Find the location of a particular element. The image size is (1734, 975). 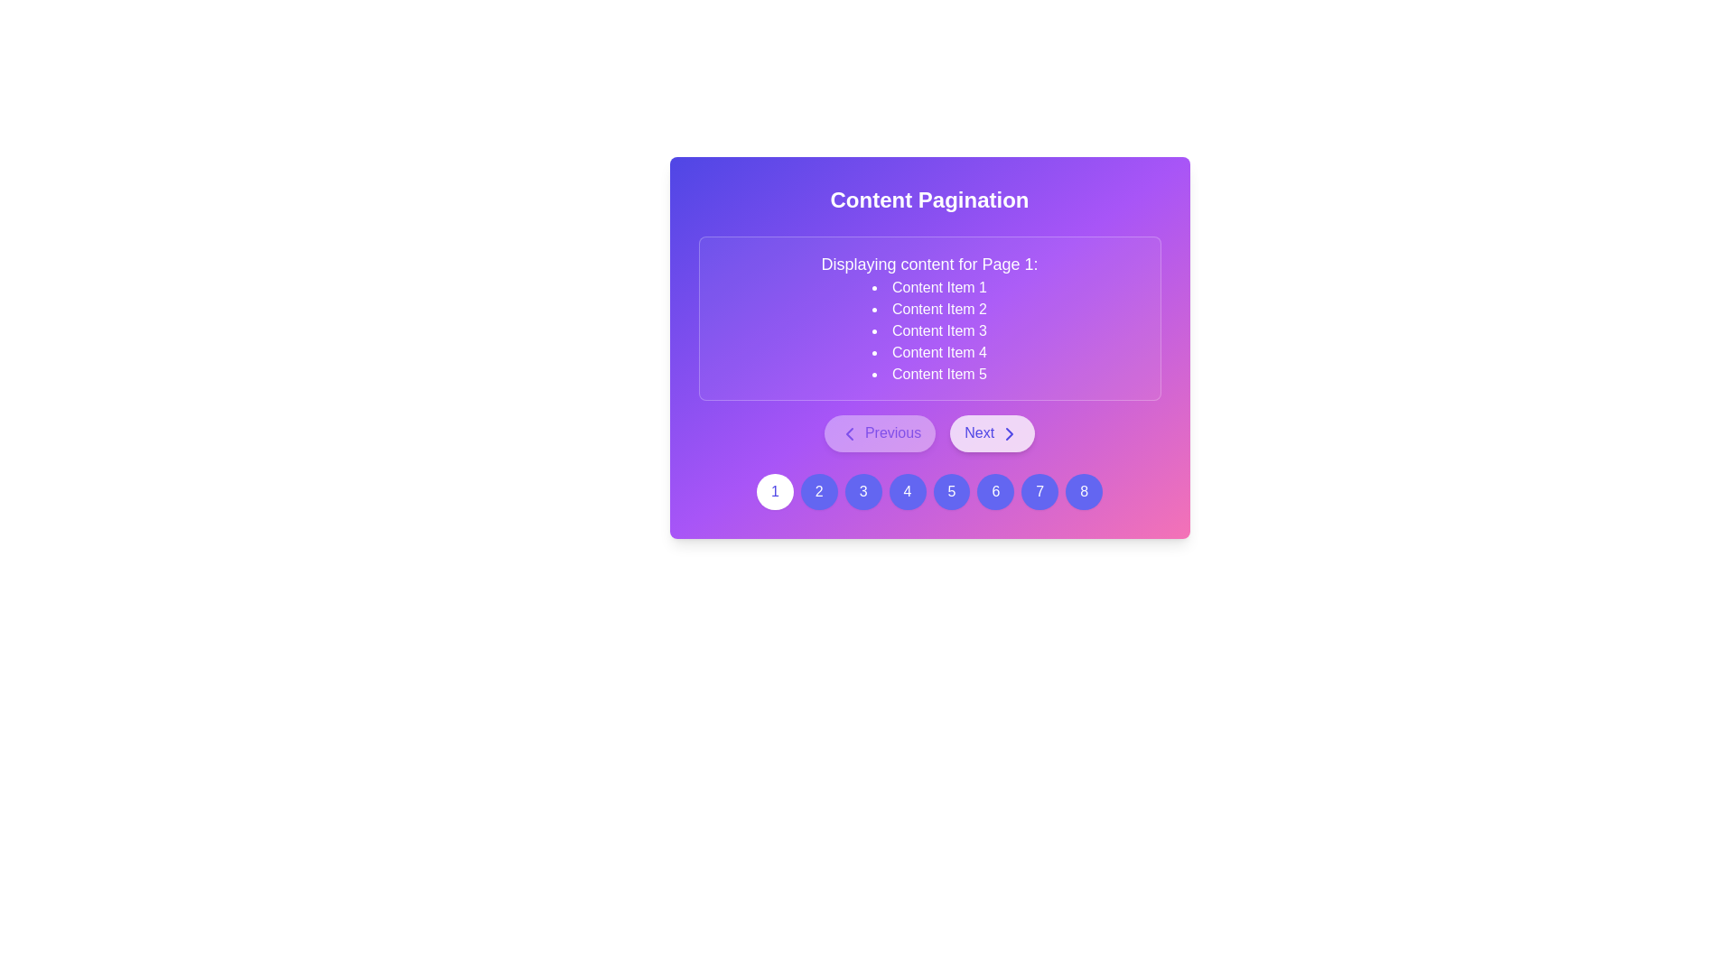

the circular button with a white background and the number '1' in indigo text is located at coordinates (775, 491).